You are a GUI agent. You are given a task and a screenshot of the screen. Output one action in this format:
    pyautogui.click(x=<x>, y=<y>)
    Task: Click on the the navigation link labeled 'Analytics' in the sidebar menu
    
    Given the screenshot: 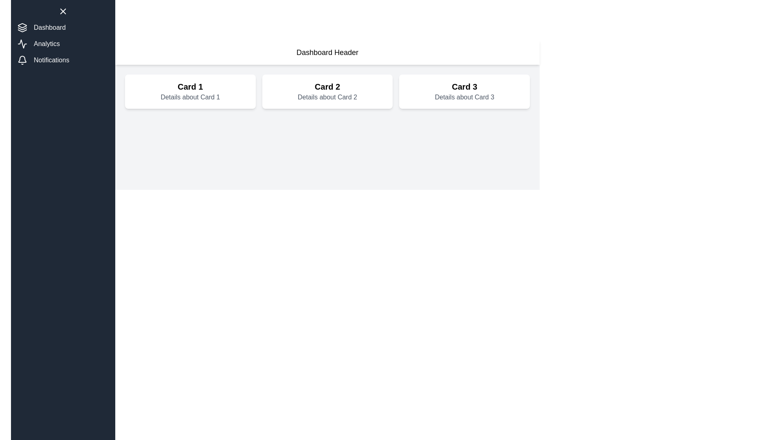 What is the action you would take?
    pyautogui.click(x=62, y=44)
    